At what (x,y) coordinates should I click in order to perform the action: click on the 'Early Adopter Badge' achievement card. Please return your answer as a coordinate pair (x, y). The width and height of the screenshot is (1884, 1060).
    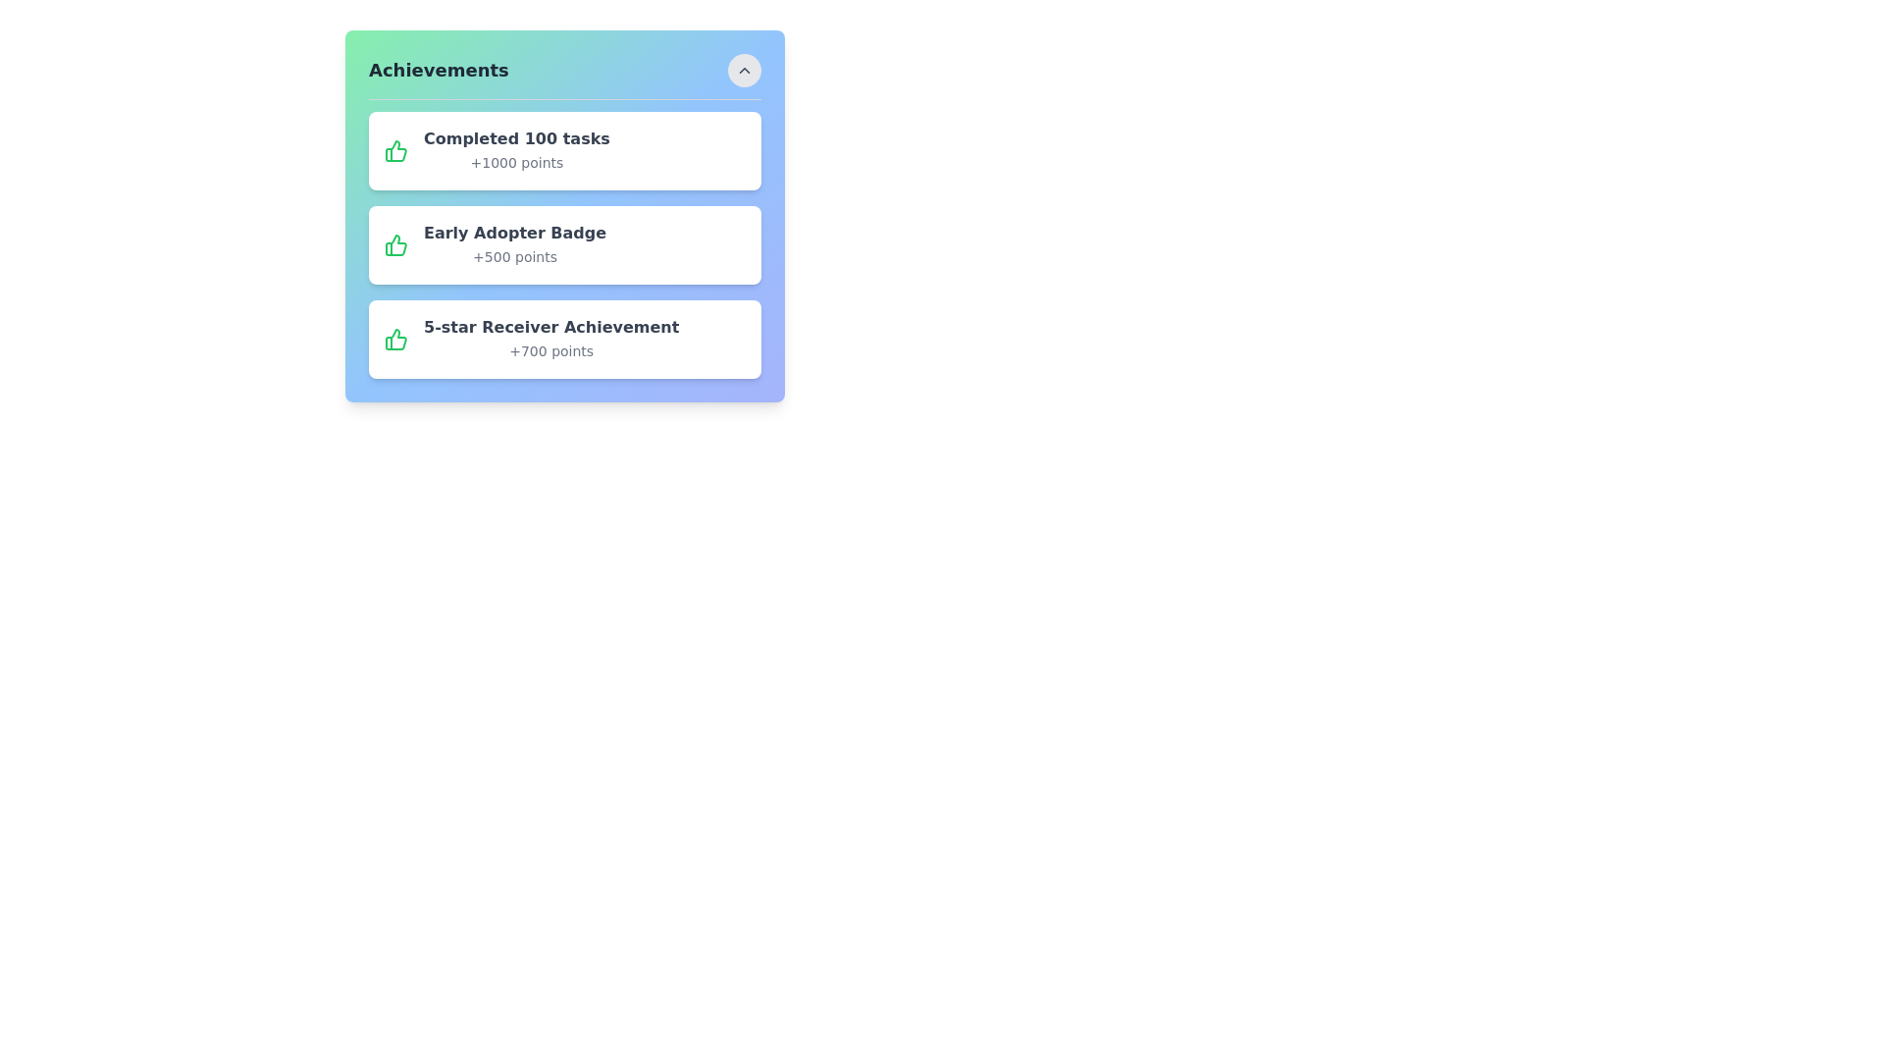
    Looking at the image, I should click on (564, 244).